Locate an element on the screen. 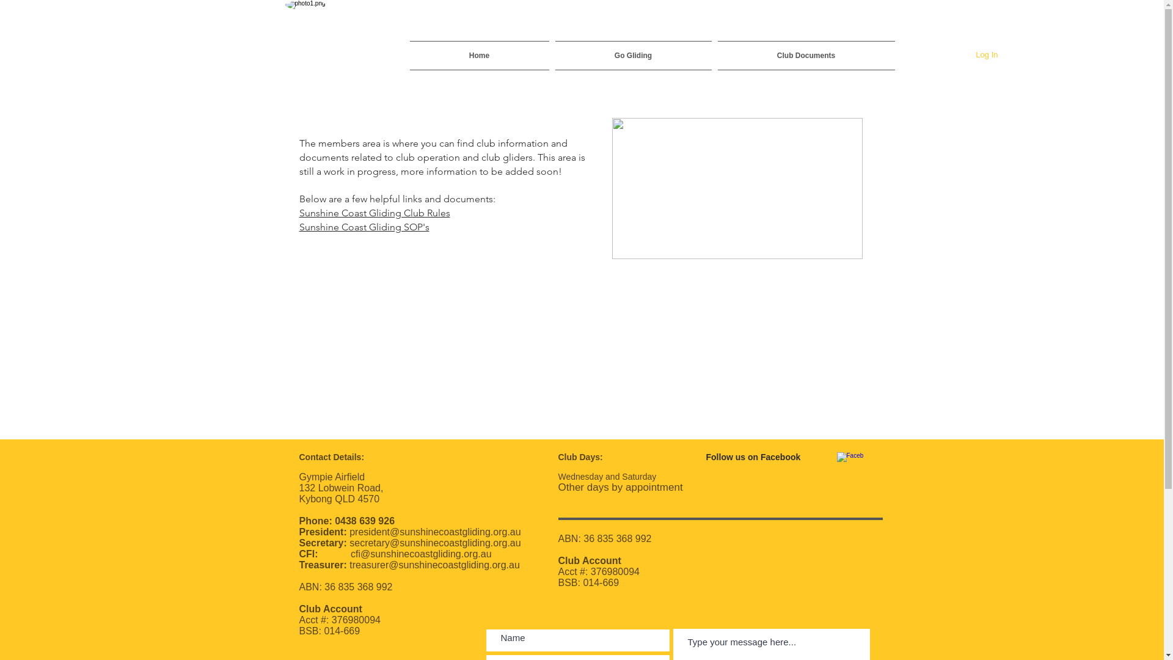 This screenshot has height=660, width=1173. 'Sunshine Coast Gliding SOP's' is located at coordinates (364, 226).